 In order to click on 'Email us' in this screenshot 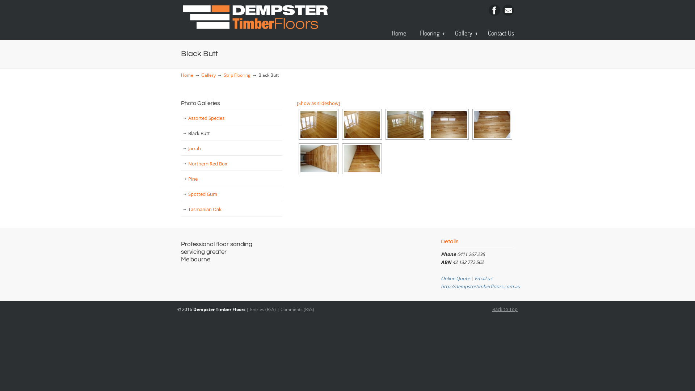, I will do `click(483, 278)`.